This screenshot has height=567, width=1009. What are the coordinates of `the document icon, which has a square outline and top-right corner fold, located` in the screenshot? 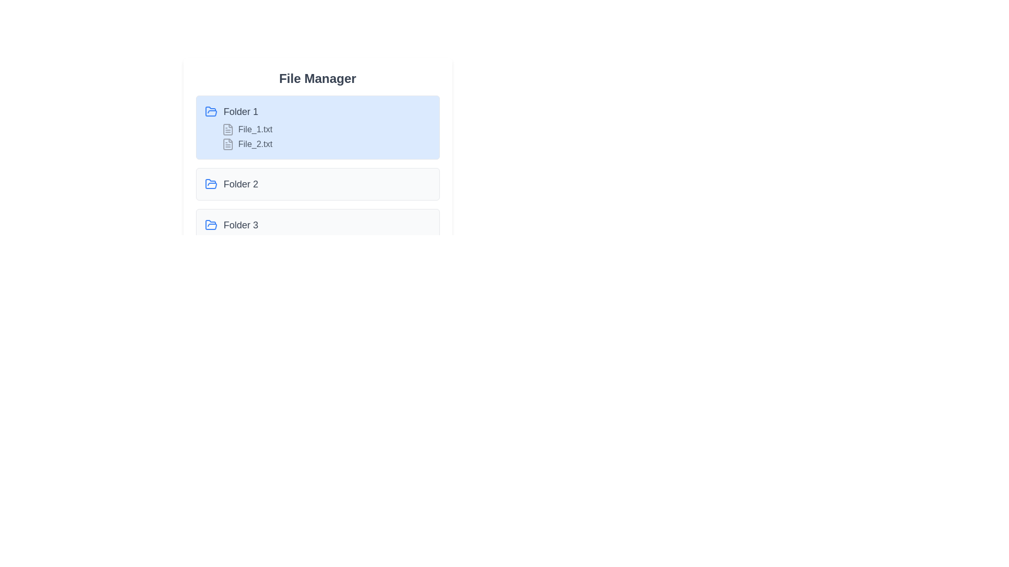 It's located at (227, 129).